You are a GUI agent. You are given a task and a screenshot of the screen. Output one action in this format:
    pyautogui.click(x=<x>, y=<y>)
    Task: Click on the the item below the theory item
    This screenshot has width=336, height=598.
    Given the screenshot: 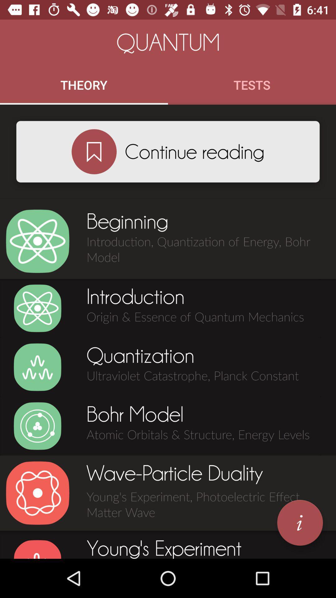 What is the action you would take?
    pyautogui.click(x=94, y=152)
    